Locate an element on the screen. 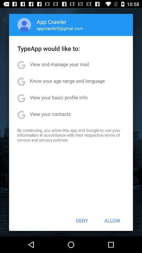 The height and width of the screenshot is (253, 142). item below view and manage app is located at coordinates (67, 81).